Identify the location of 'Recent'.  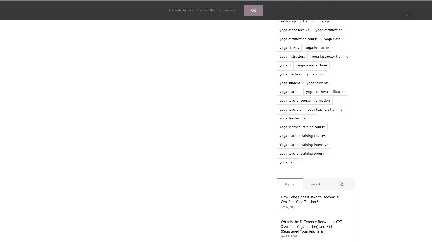
(315, 184).